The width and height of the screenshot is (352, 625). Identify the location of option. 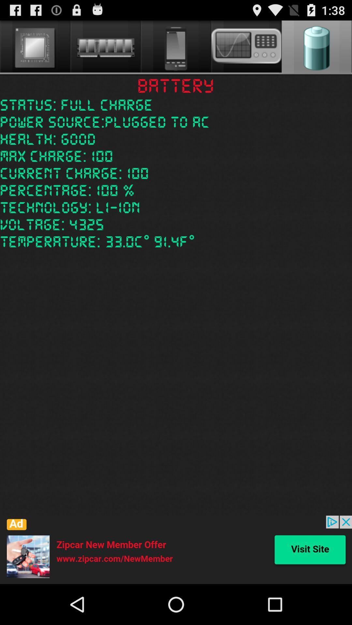
(176, 549).